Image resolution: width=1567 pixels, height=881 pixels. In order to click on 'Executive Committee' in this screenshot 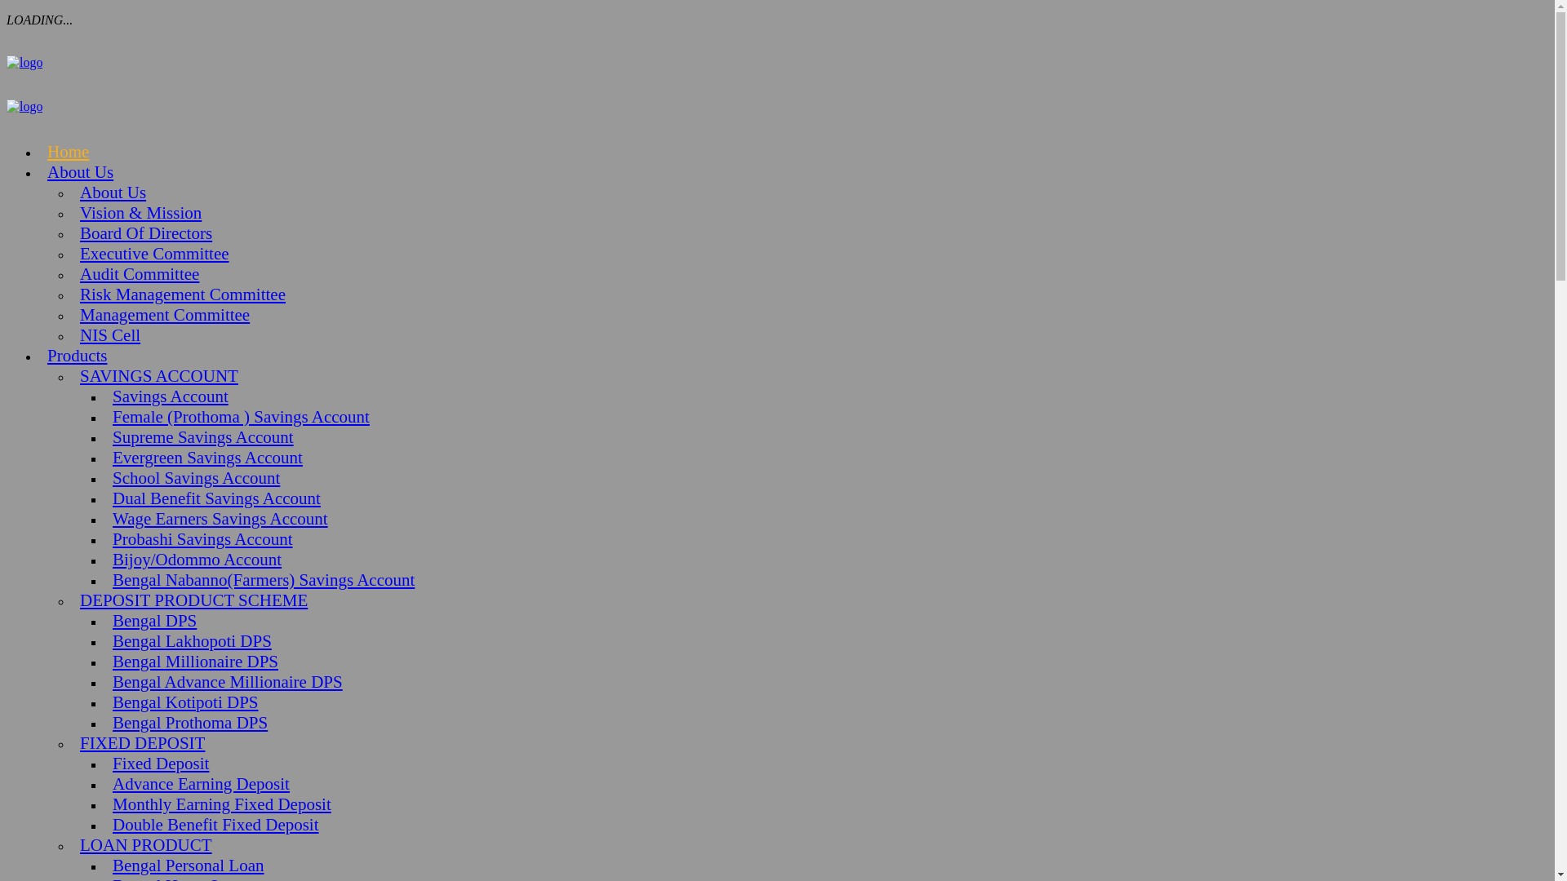, I will do `click(150, 254)`.